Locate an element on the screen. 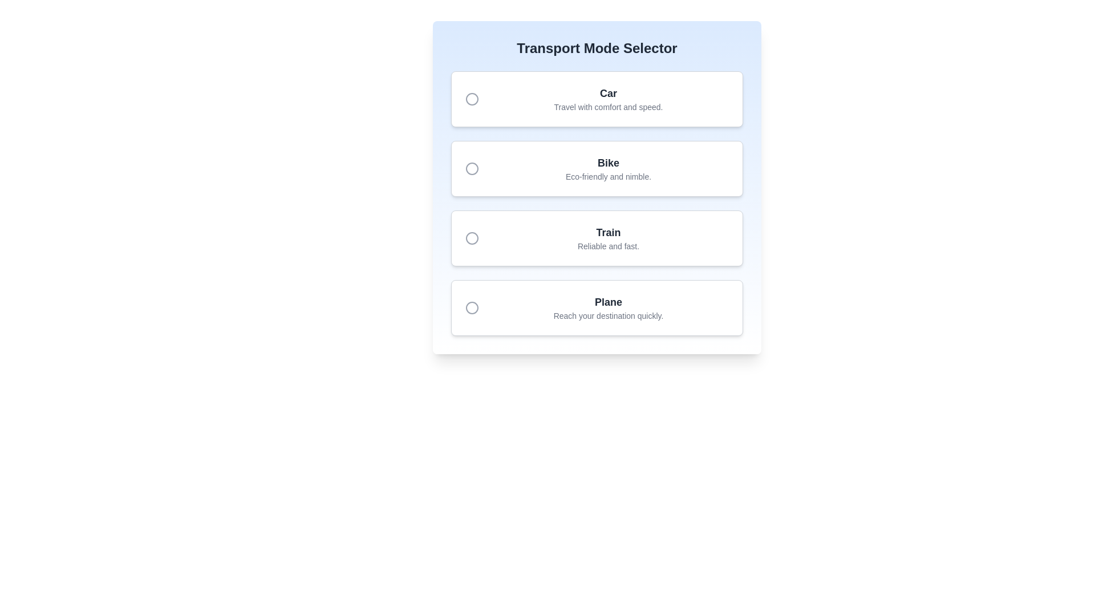  the 'Car' text label which is the first selection option in the Transport Mode Selector group is located at coordinates (607, 98).